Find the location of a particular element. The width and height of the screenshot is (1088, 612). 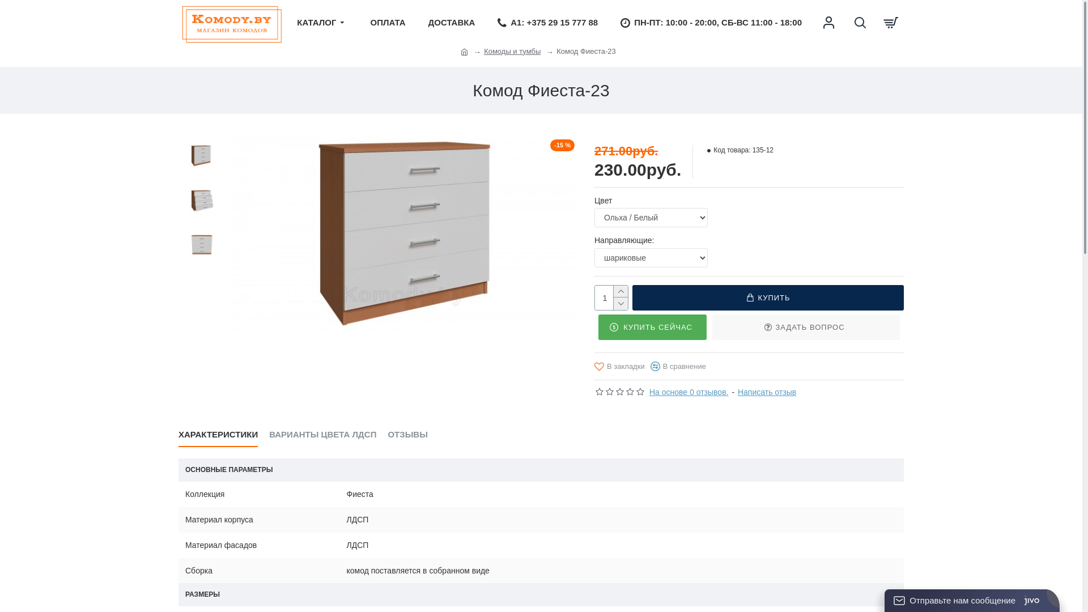

'Komody.by' is located at coordinates (231, 24).